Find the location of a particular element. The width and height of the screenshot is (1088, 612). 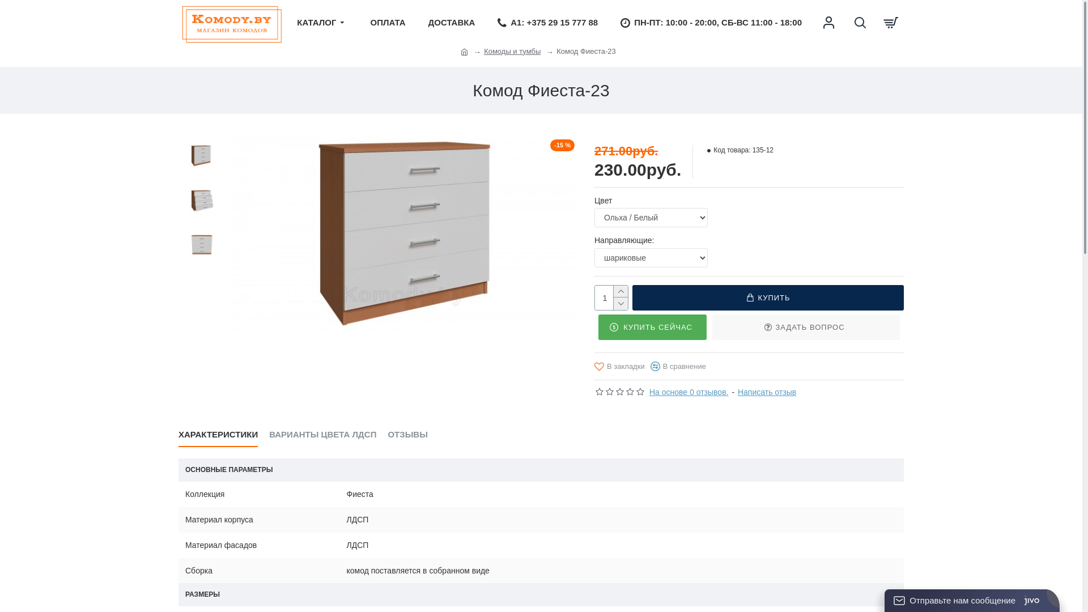

'Komody.by' is located at coordinates (231, 24).